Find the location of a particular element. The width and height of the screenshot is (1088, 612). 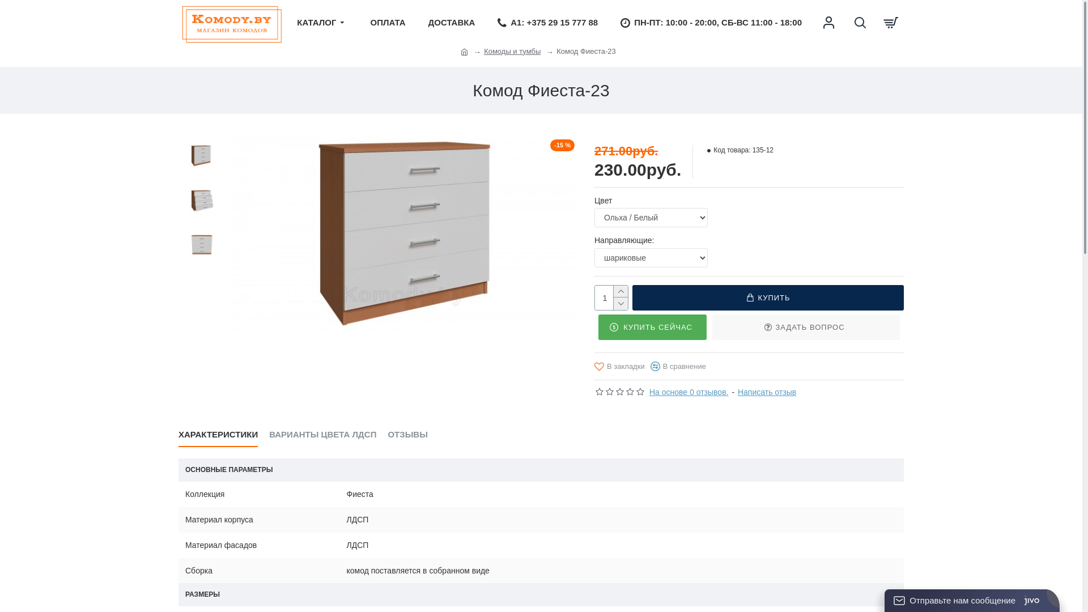

'Komody.by' is located at coordinates (231, 24).